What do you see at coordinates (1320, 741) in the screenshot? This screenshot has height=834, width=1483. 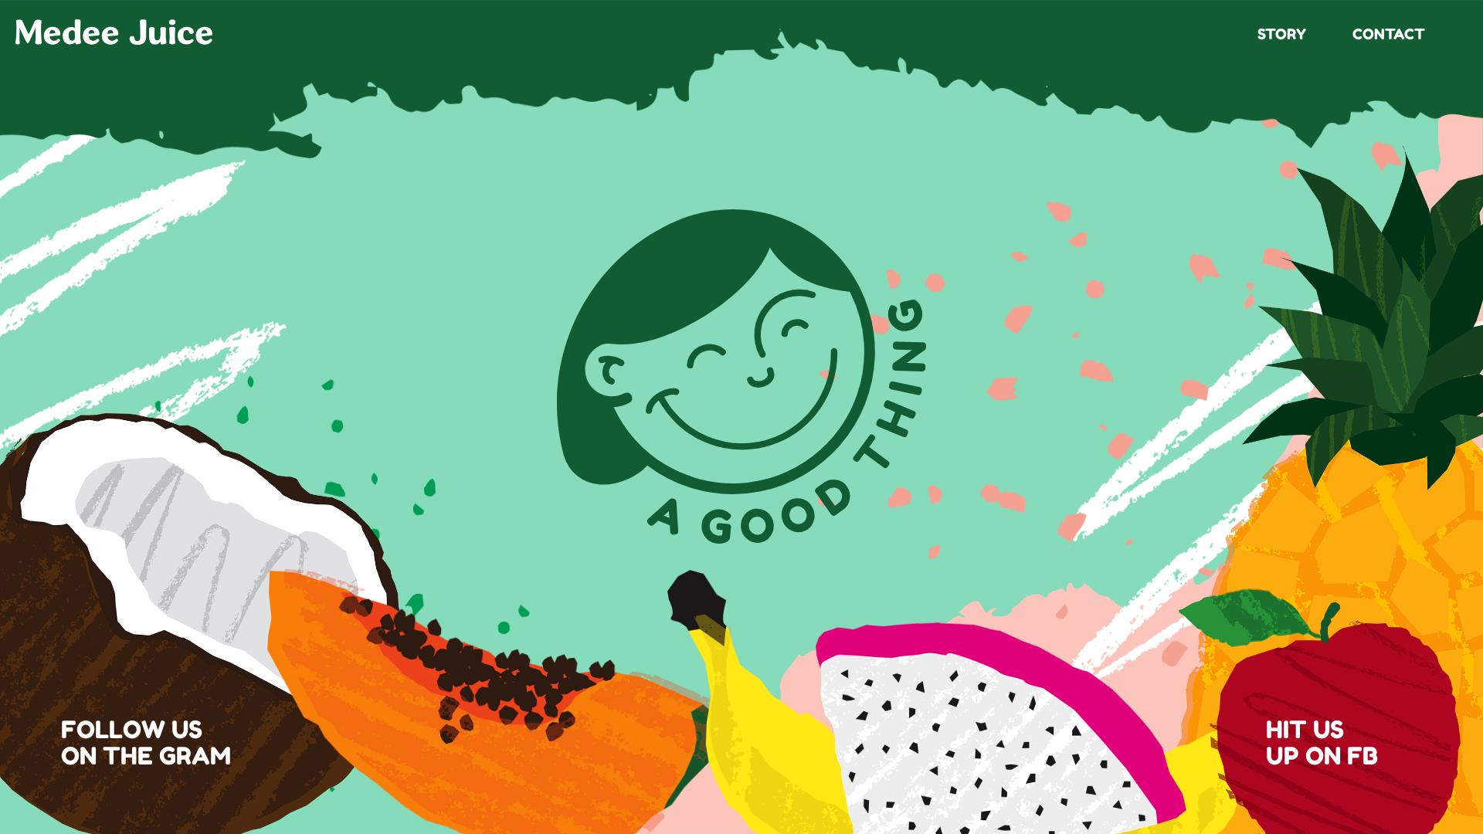 I see `'HIT US` at bounding box center [1320, 741].